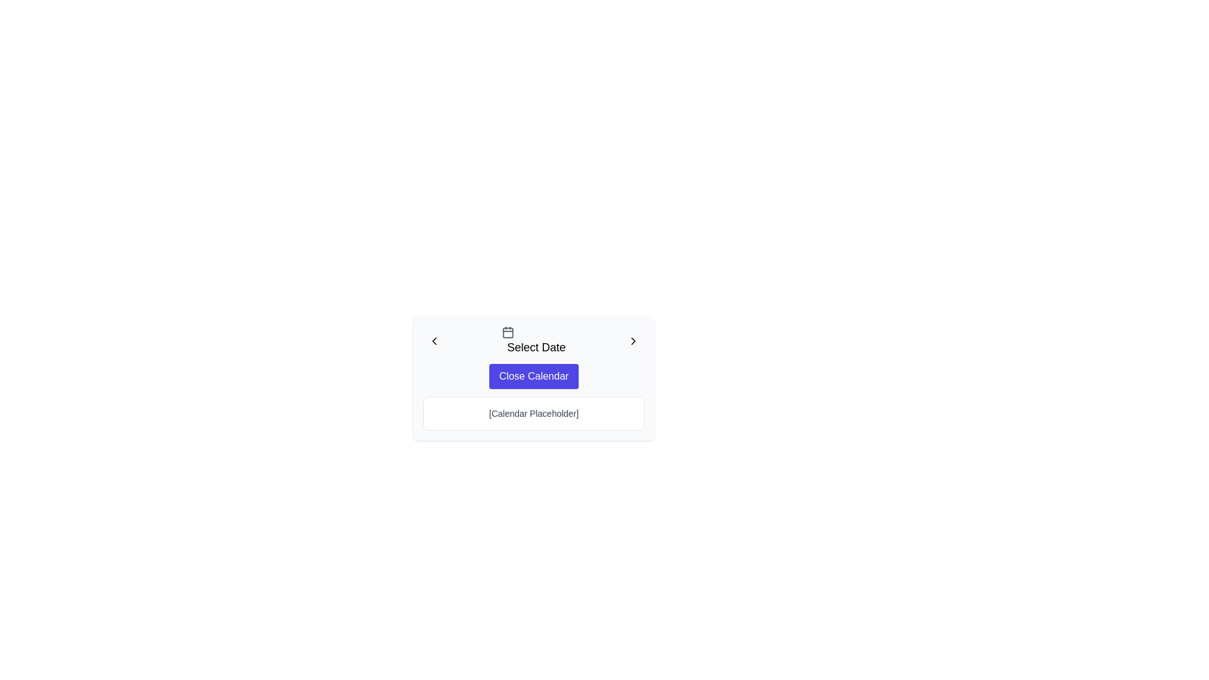 The height and width of the screenshot is (680, 1209). Describe the element at coordinates (534, 378) in the screenshot. I see `the purple rectangular button labeled 'Close Calendar'` at that location.